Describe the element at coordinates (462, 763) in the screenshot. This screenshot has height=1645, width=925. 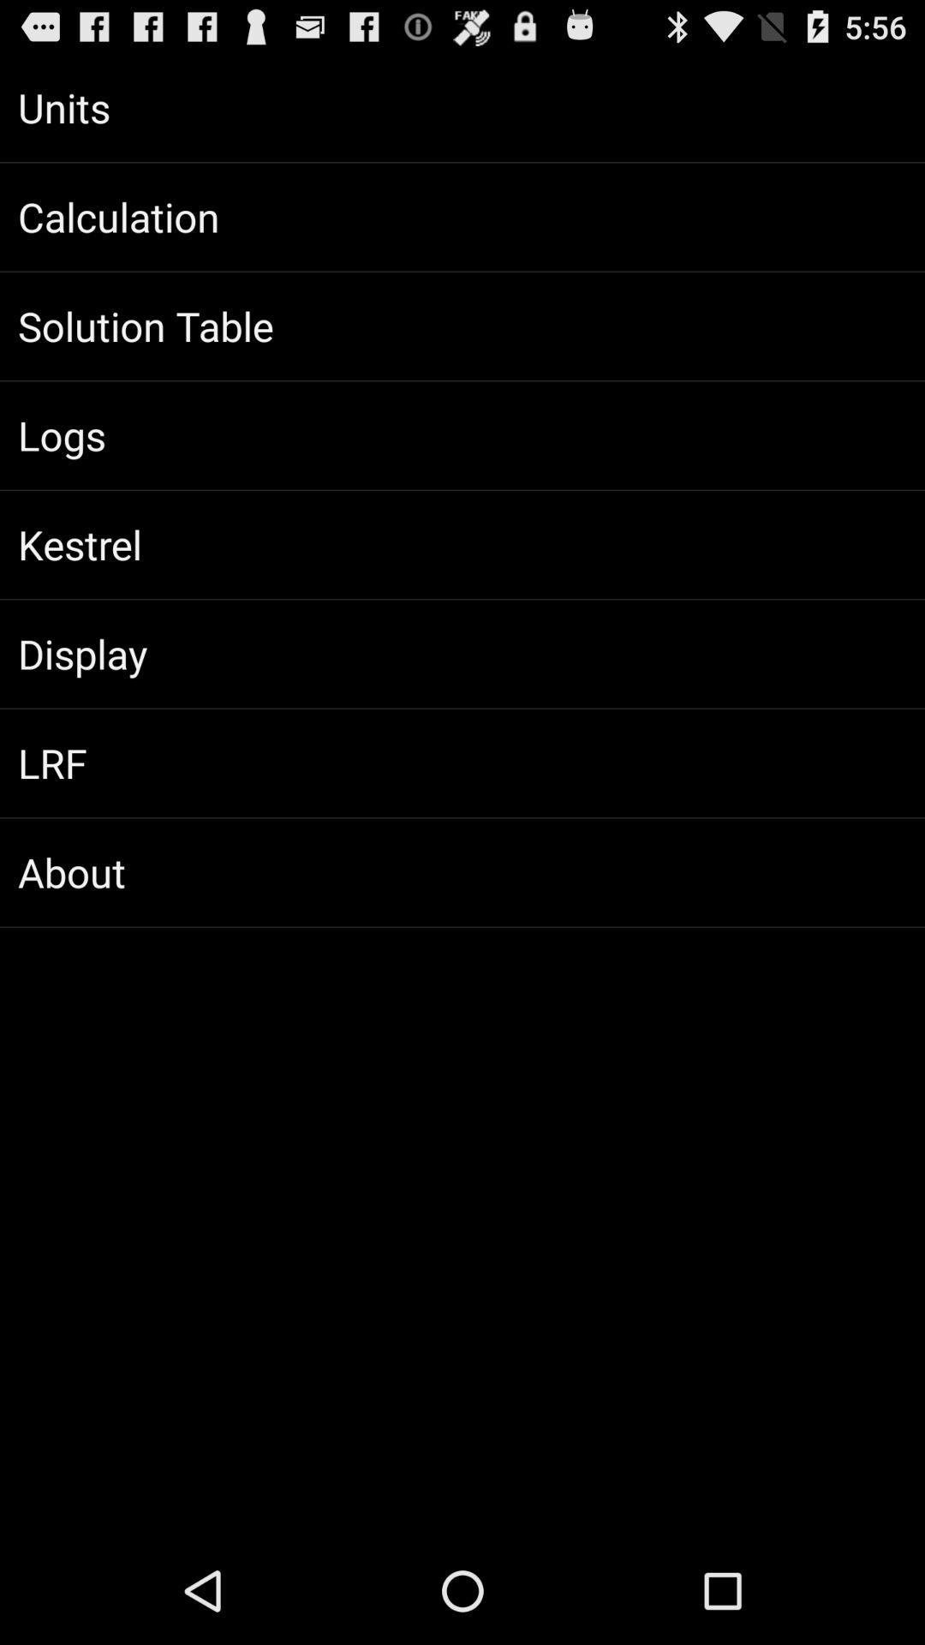
I see `the app above about item` at that location.